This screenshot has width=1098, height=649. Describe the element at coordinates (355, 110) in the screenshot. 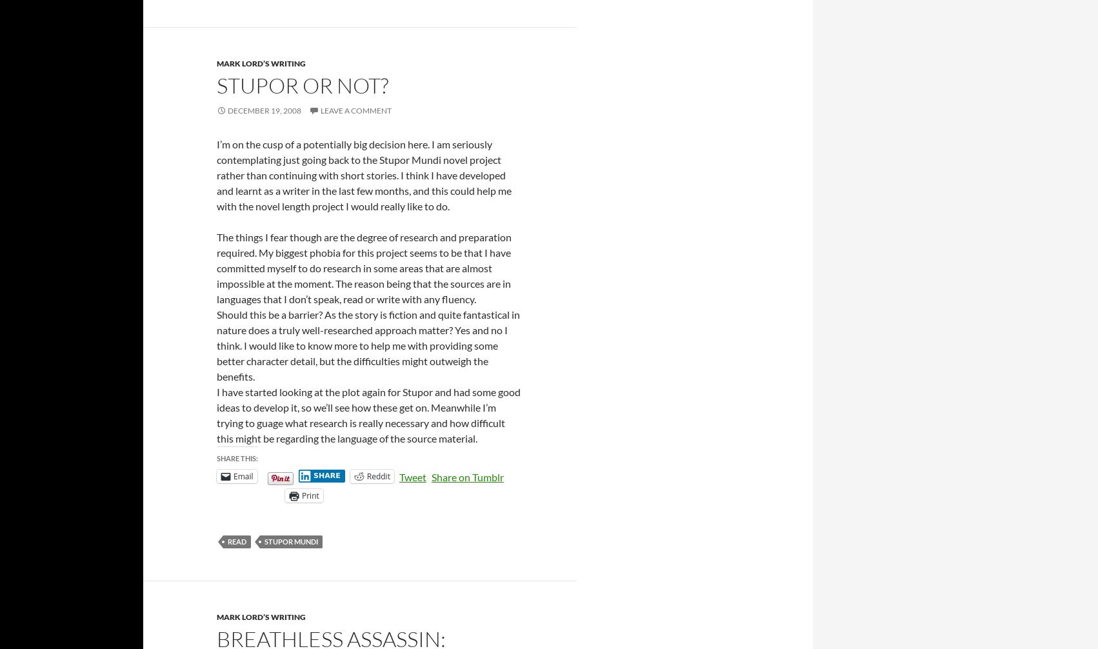

I see `'Leave a comment'` at that location.